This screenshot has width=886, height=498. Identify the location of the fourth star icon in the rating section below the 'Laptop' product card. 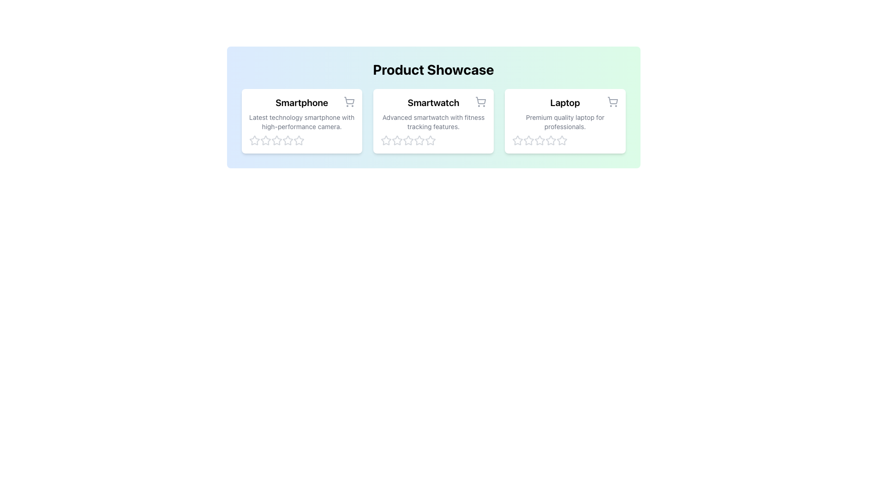
(551, 140).